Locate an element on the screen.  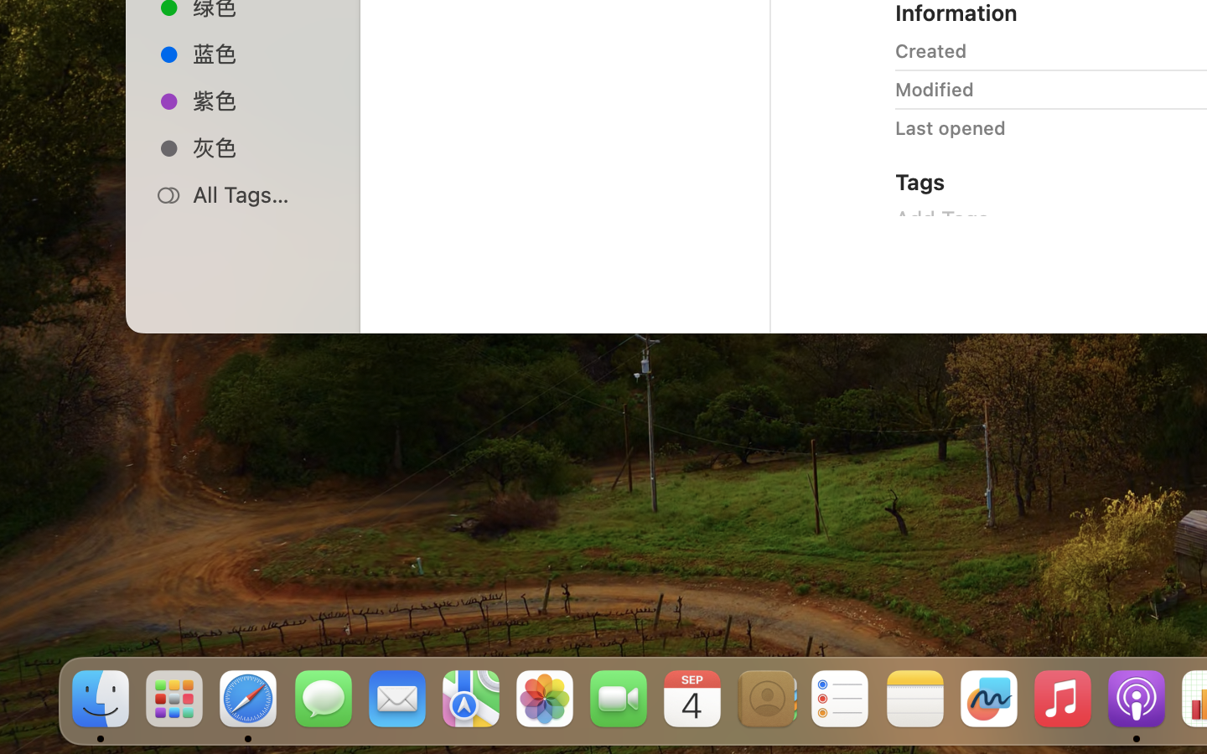
'蓝色' is located at coordinates (261, 52).